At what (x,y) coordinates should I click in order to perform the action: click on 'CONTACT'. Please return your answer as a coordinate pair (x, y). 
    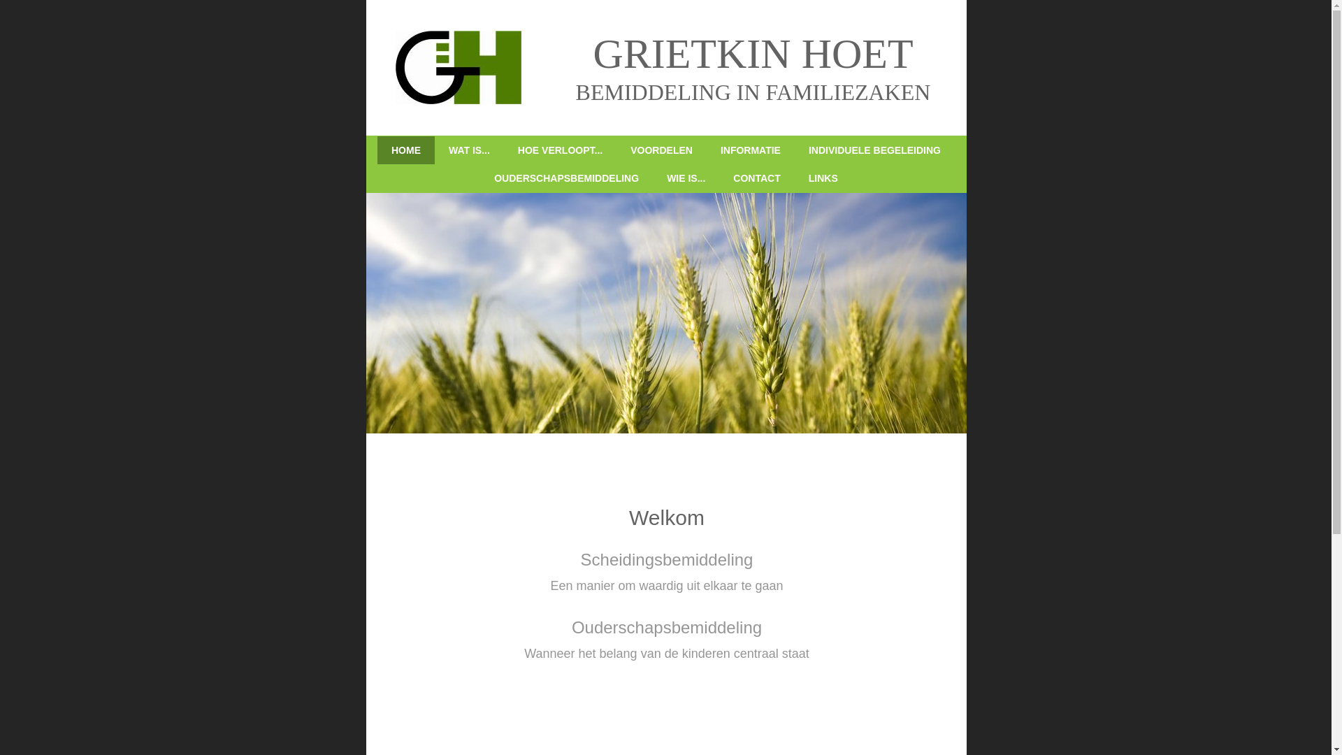
    Looking at the image, I should click on (756, 177).